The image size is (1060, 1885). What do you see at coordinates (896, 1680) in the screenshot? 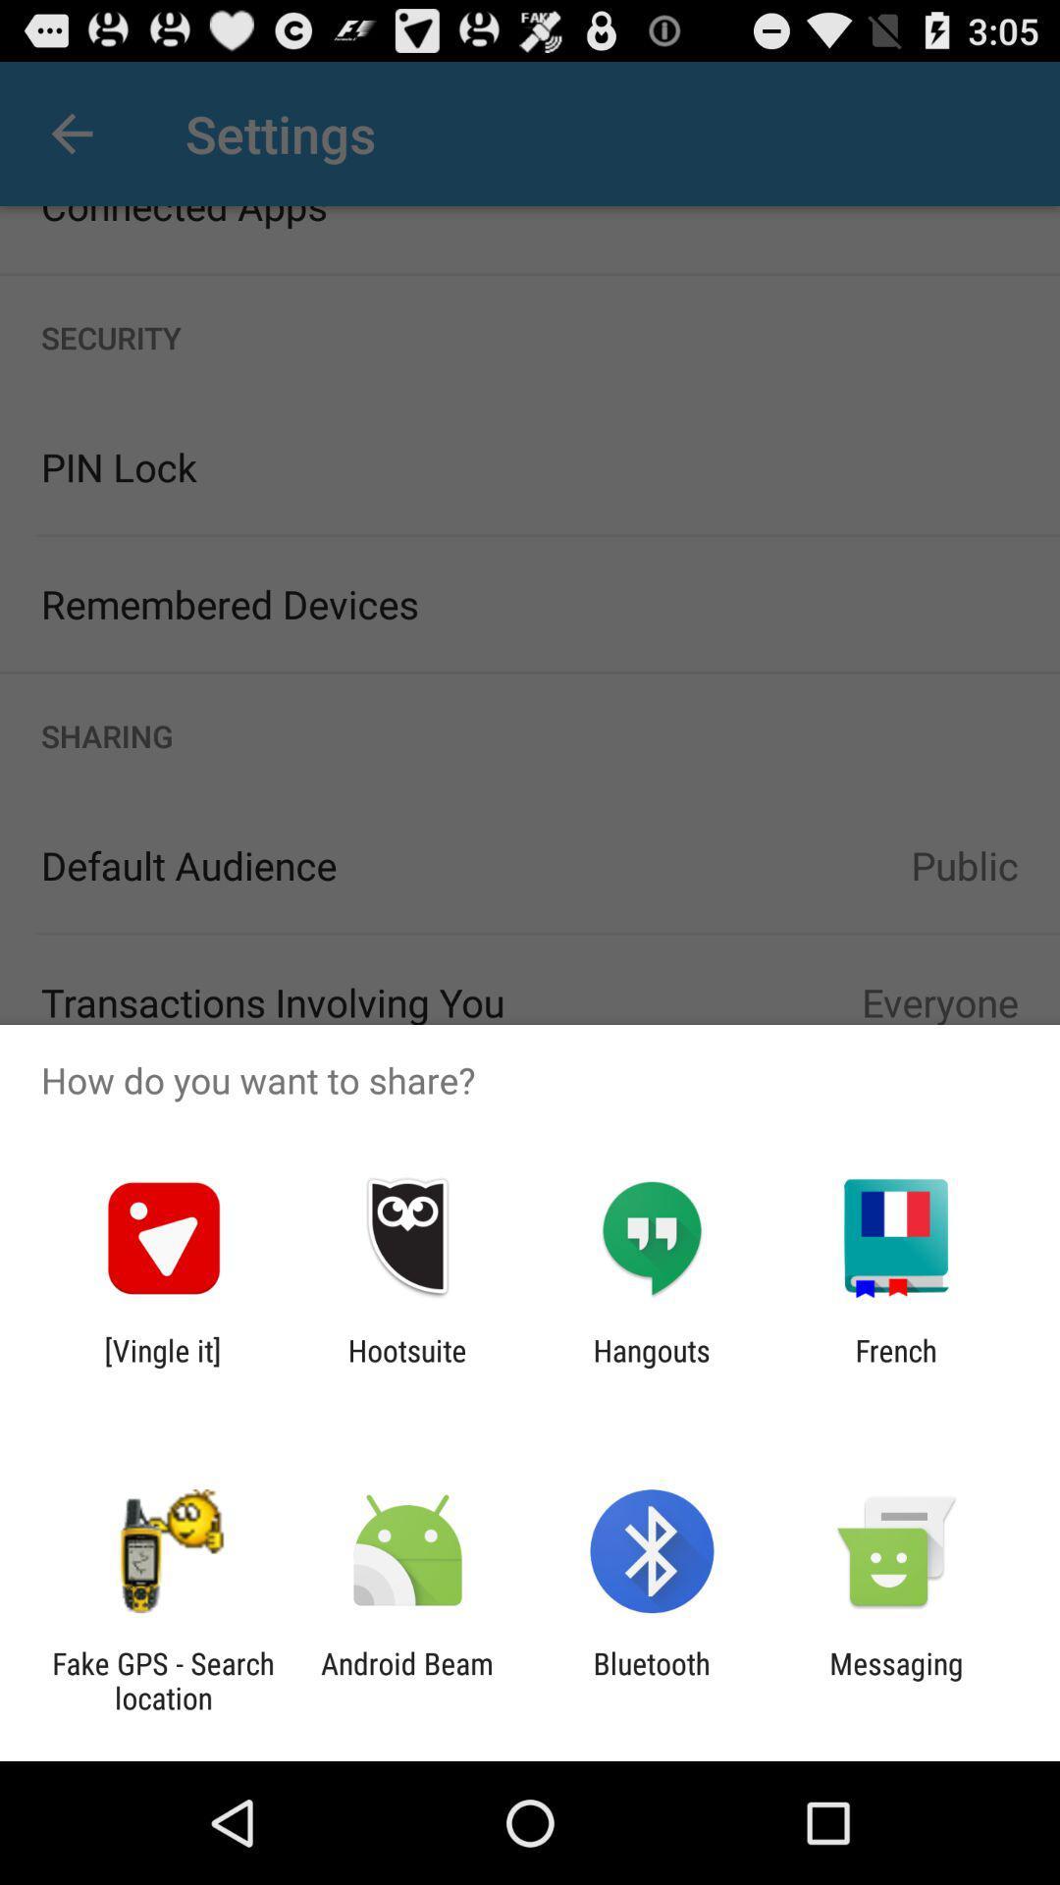
I see `icon next to the bluetooth` at bounding box center [896, 1680].